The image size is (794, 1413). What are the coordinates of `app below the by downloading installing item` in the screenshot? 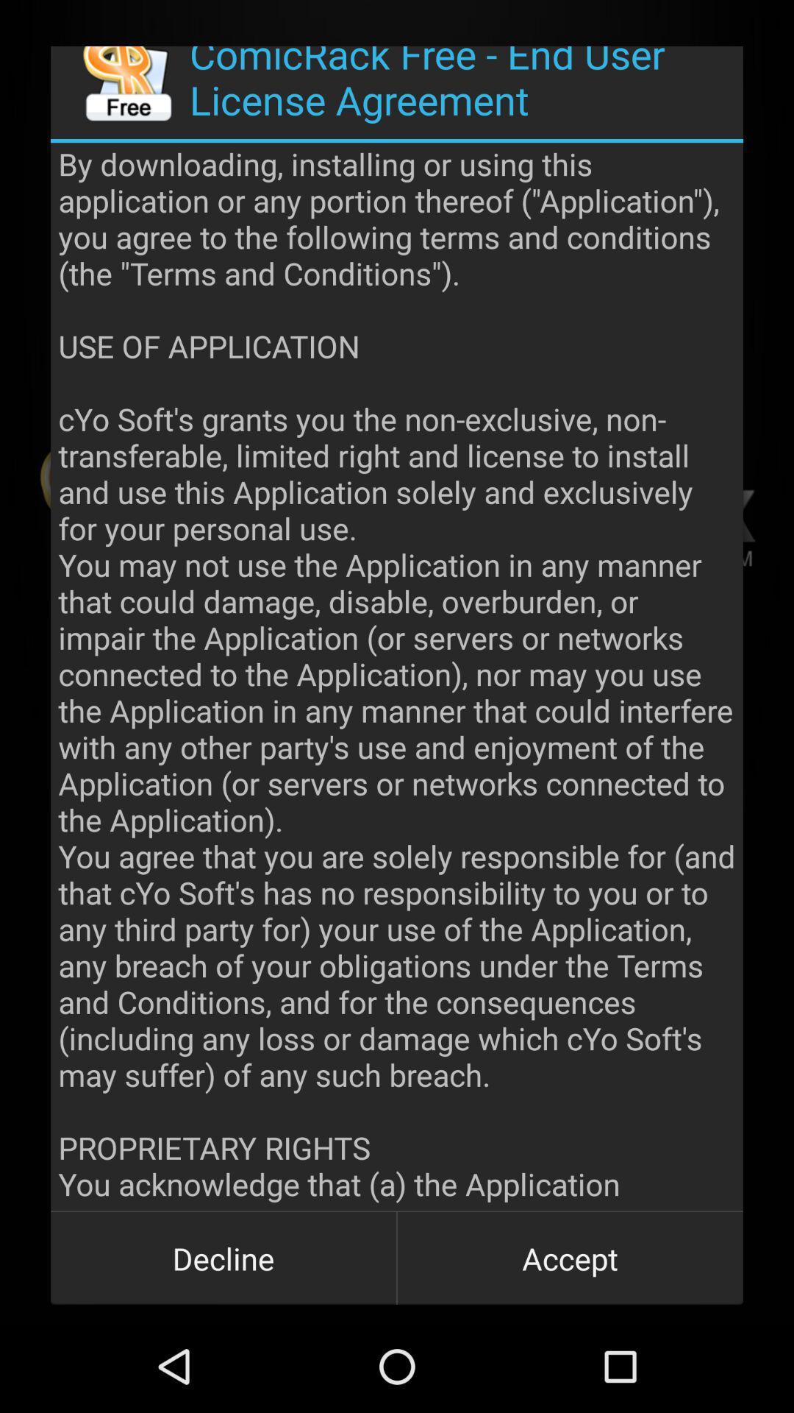 It's located at (223, 1257).